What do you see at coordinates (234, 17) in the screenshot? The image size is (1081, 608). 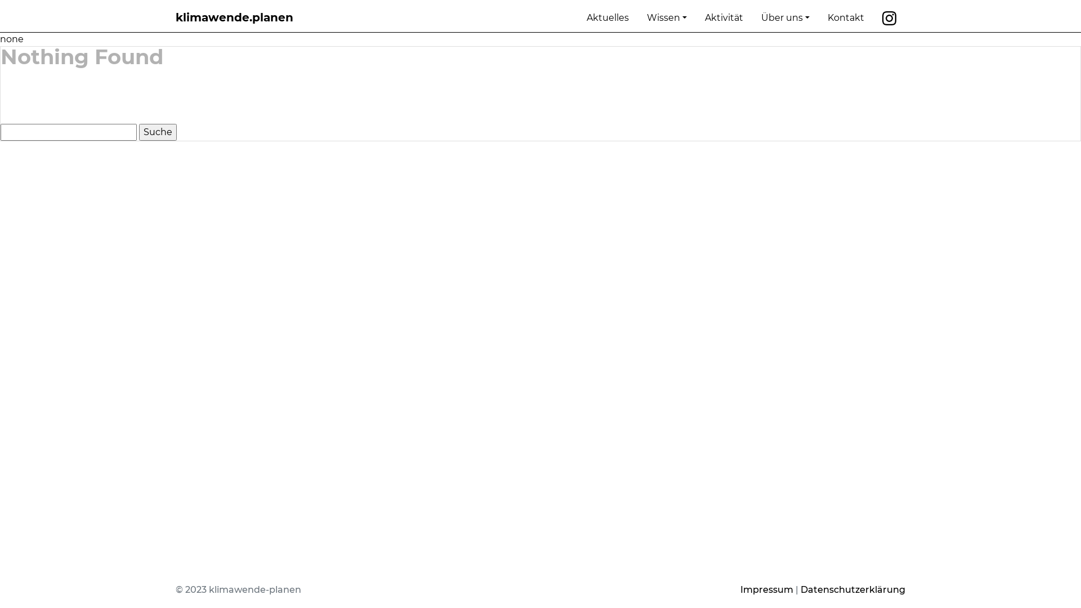 I see `'klimawende.planen'` at bounding box center [234, 17].